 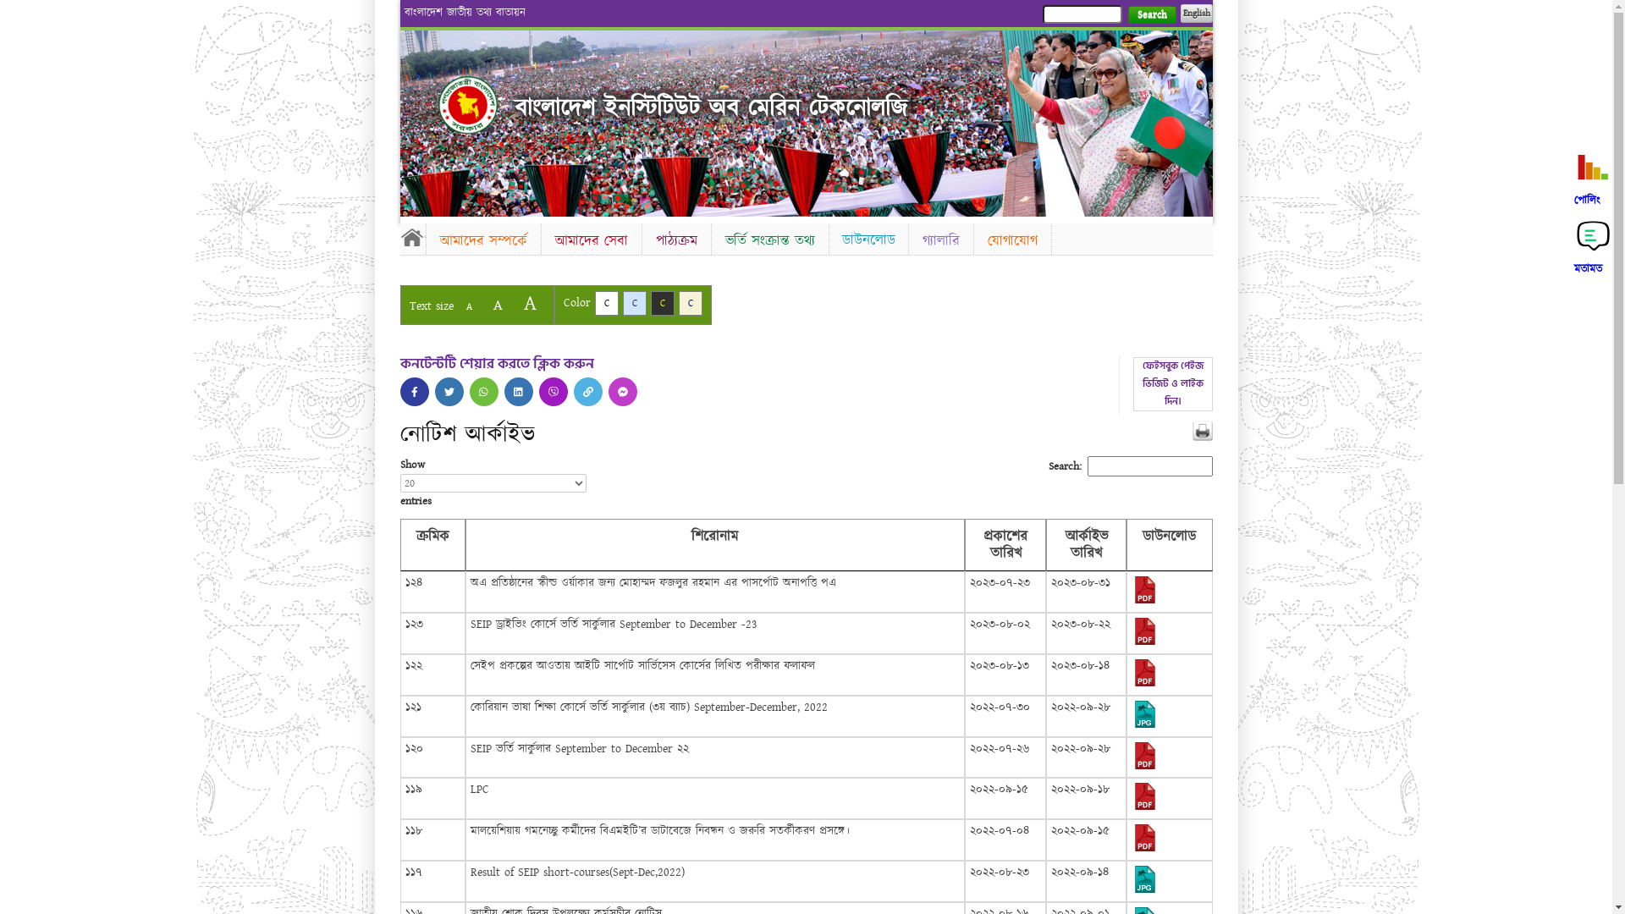 I want to click on 'Search', so click(x=1151, y=14).